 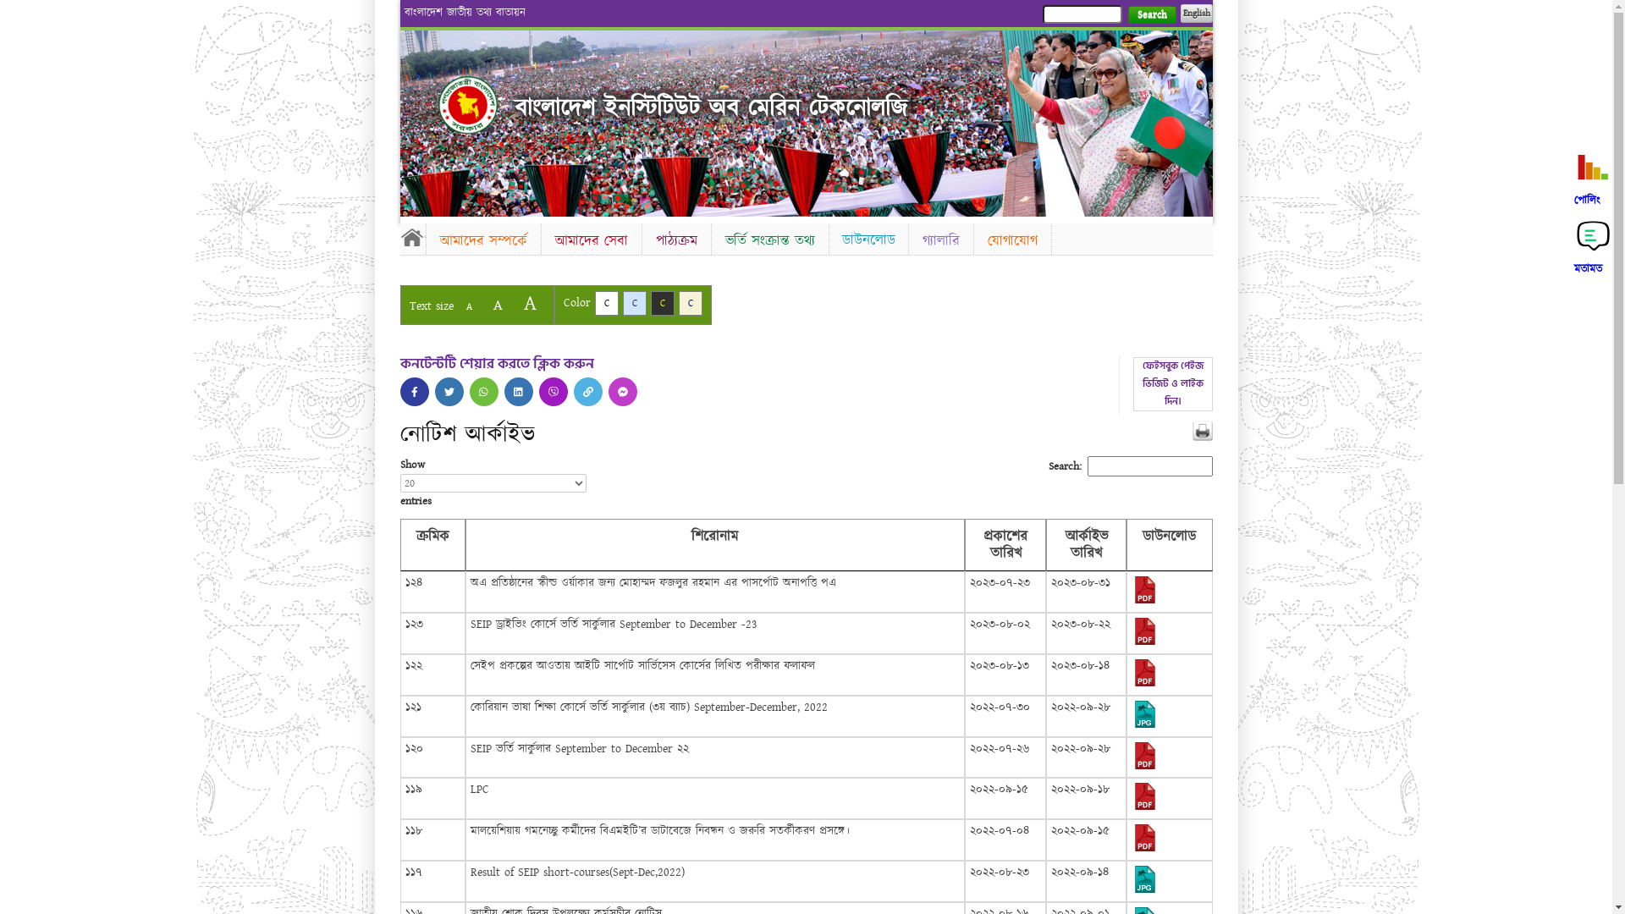 I want to click on 'Search', so click(x=1151, y=14).